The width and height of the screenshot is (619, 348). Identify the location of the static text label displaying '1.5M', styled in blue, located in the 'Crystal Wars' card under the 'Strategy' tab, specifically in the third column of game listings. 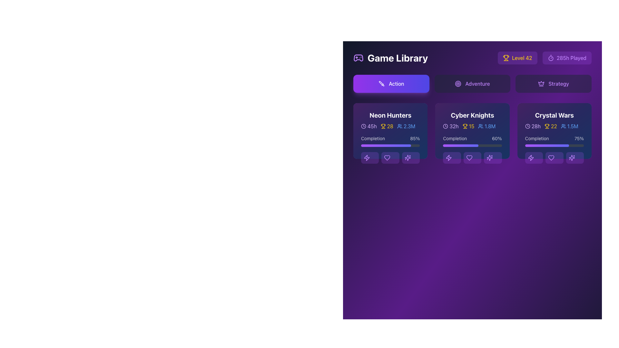
(573, 126).